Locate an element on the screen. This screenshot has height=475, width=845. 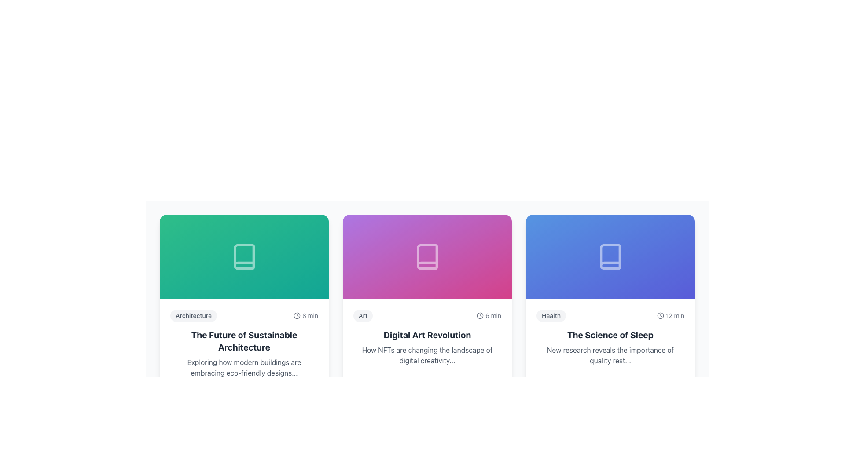
the 'Health' text label with a rounded rectangular gray background to interpret its category is located at coordinates (551, 315).